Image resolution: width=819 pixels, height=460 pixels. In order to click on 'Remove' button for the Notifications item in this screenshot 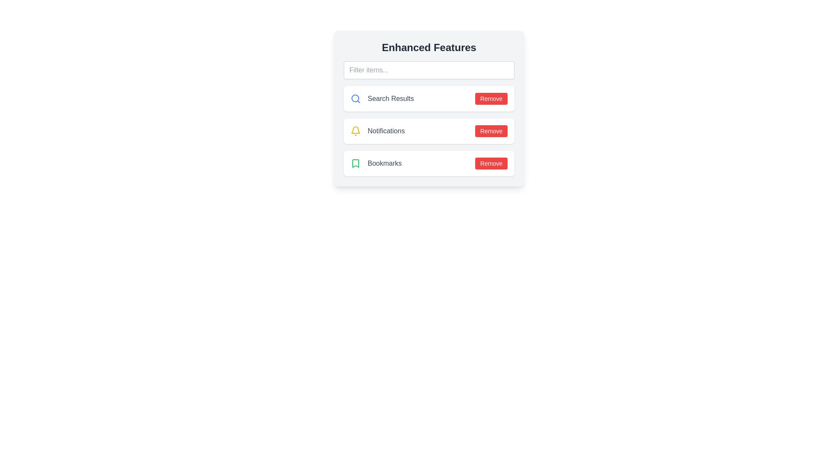, I will do `click(491, 131)`.